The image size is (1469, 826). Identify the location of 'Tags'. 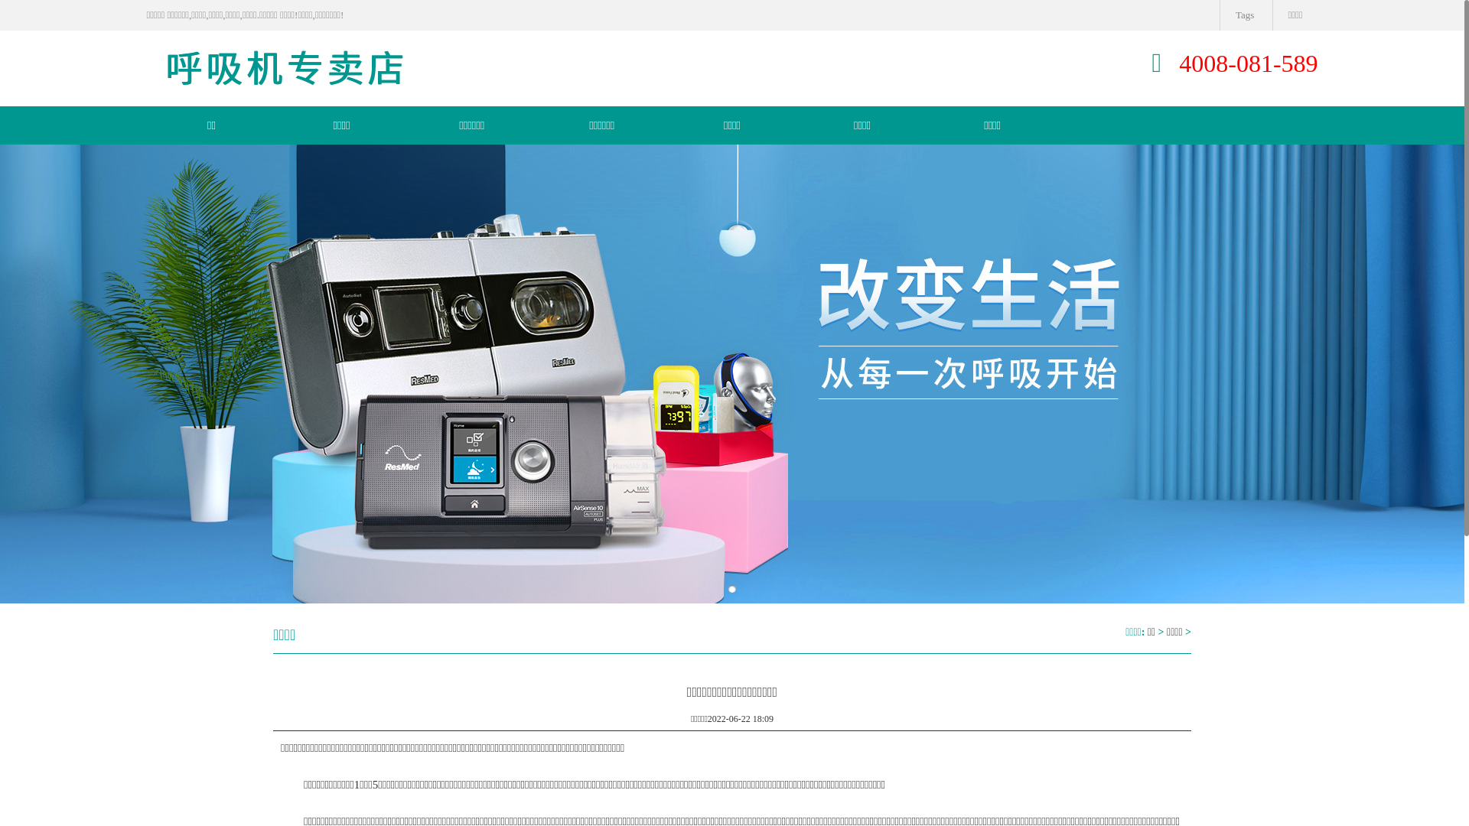
(1244, 15).